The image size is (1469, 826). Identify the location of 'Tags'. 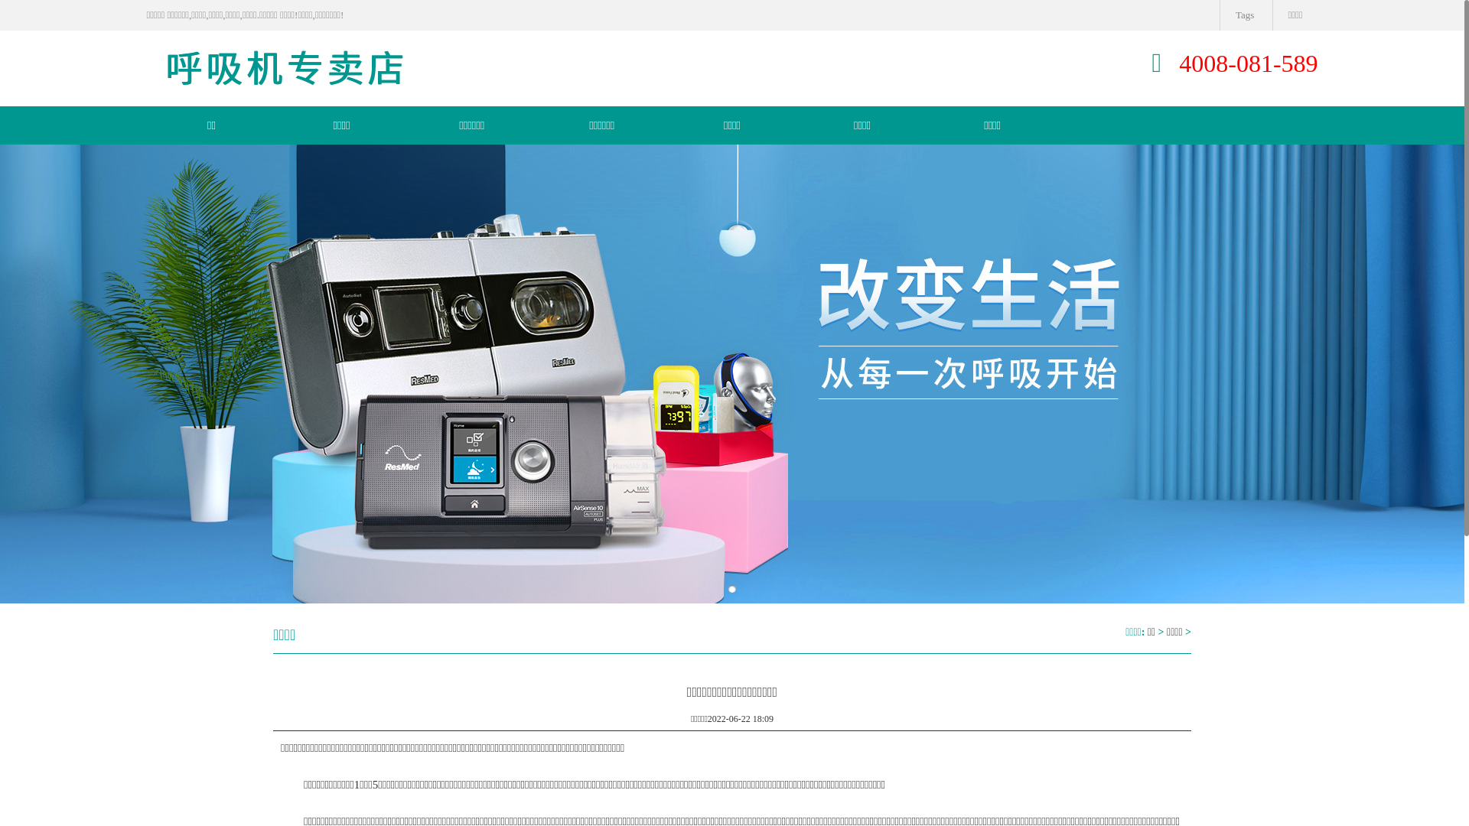
(1244, 15).